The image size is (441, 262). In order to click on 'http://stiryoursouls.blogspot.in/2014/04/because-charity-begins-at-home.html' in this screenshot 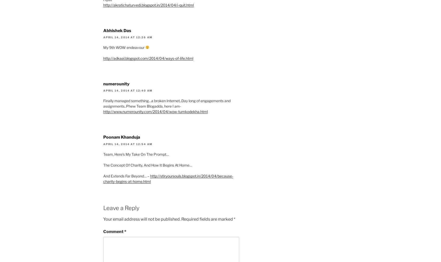, I will do `click(168, 178)`.